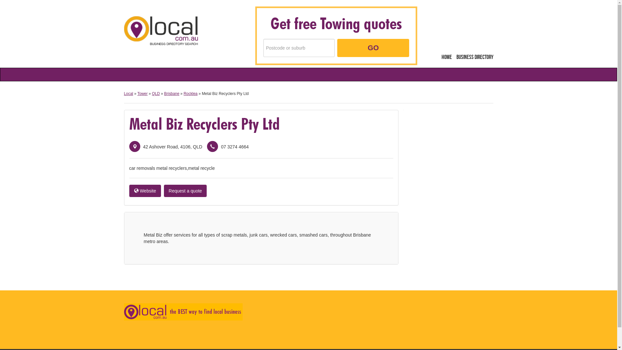 This screenshot has height=350, width=622. I want to click on 'GO', so click(373, 47).